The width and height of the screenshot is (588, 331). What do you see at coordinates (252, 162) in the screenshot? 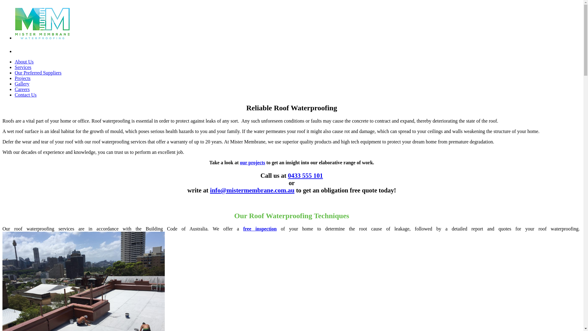
I see `'our projects'` at bounding box center [252, 162].